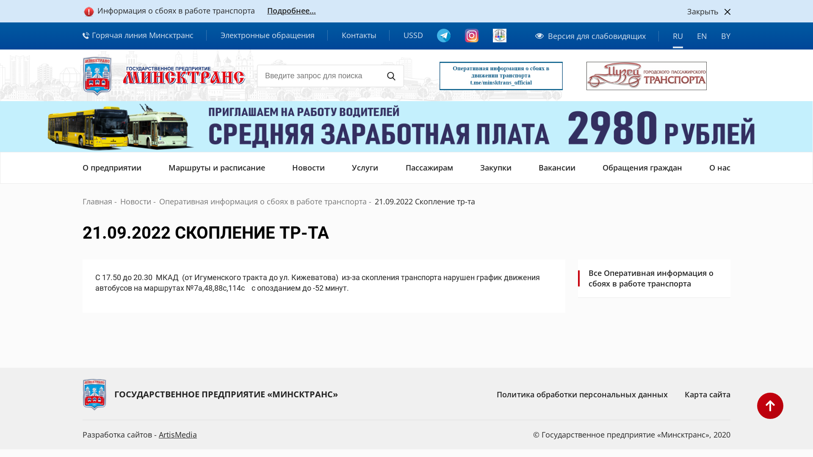  Describe the element at coordinates (678, 39) in the screenshot. I see `'RU'` at that location.